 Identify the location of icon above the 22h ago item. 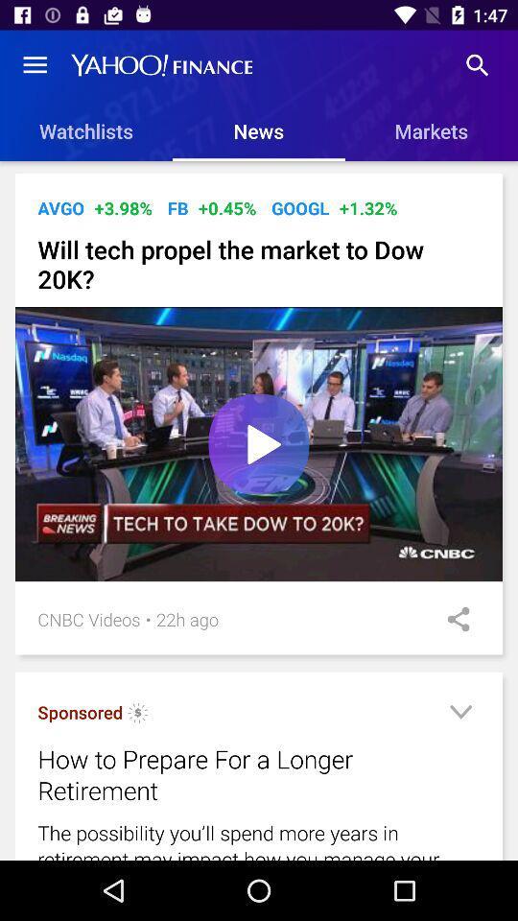
(259, 444).